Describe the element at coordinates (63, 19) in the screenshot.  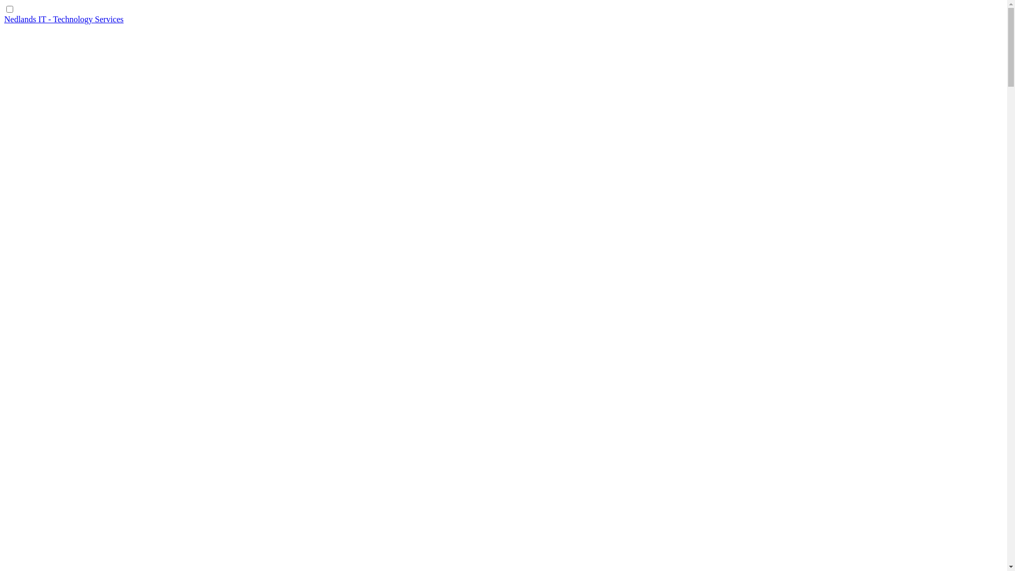
I see `'Nedlands IT - Technology Services'` at that location.